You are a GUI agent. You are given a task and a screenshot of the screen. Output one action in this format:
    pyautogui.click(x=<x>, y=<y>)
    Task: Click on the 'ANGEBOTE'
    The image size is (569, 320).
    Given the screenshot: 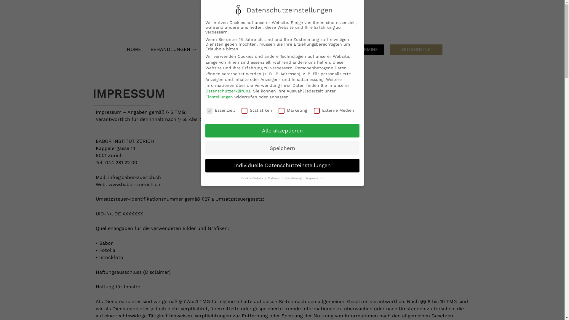 What is the action you would take?
    pyautogui.click(x=218, y=49)
    